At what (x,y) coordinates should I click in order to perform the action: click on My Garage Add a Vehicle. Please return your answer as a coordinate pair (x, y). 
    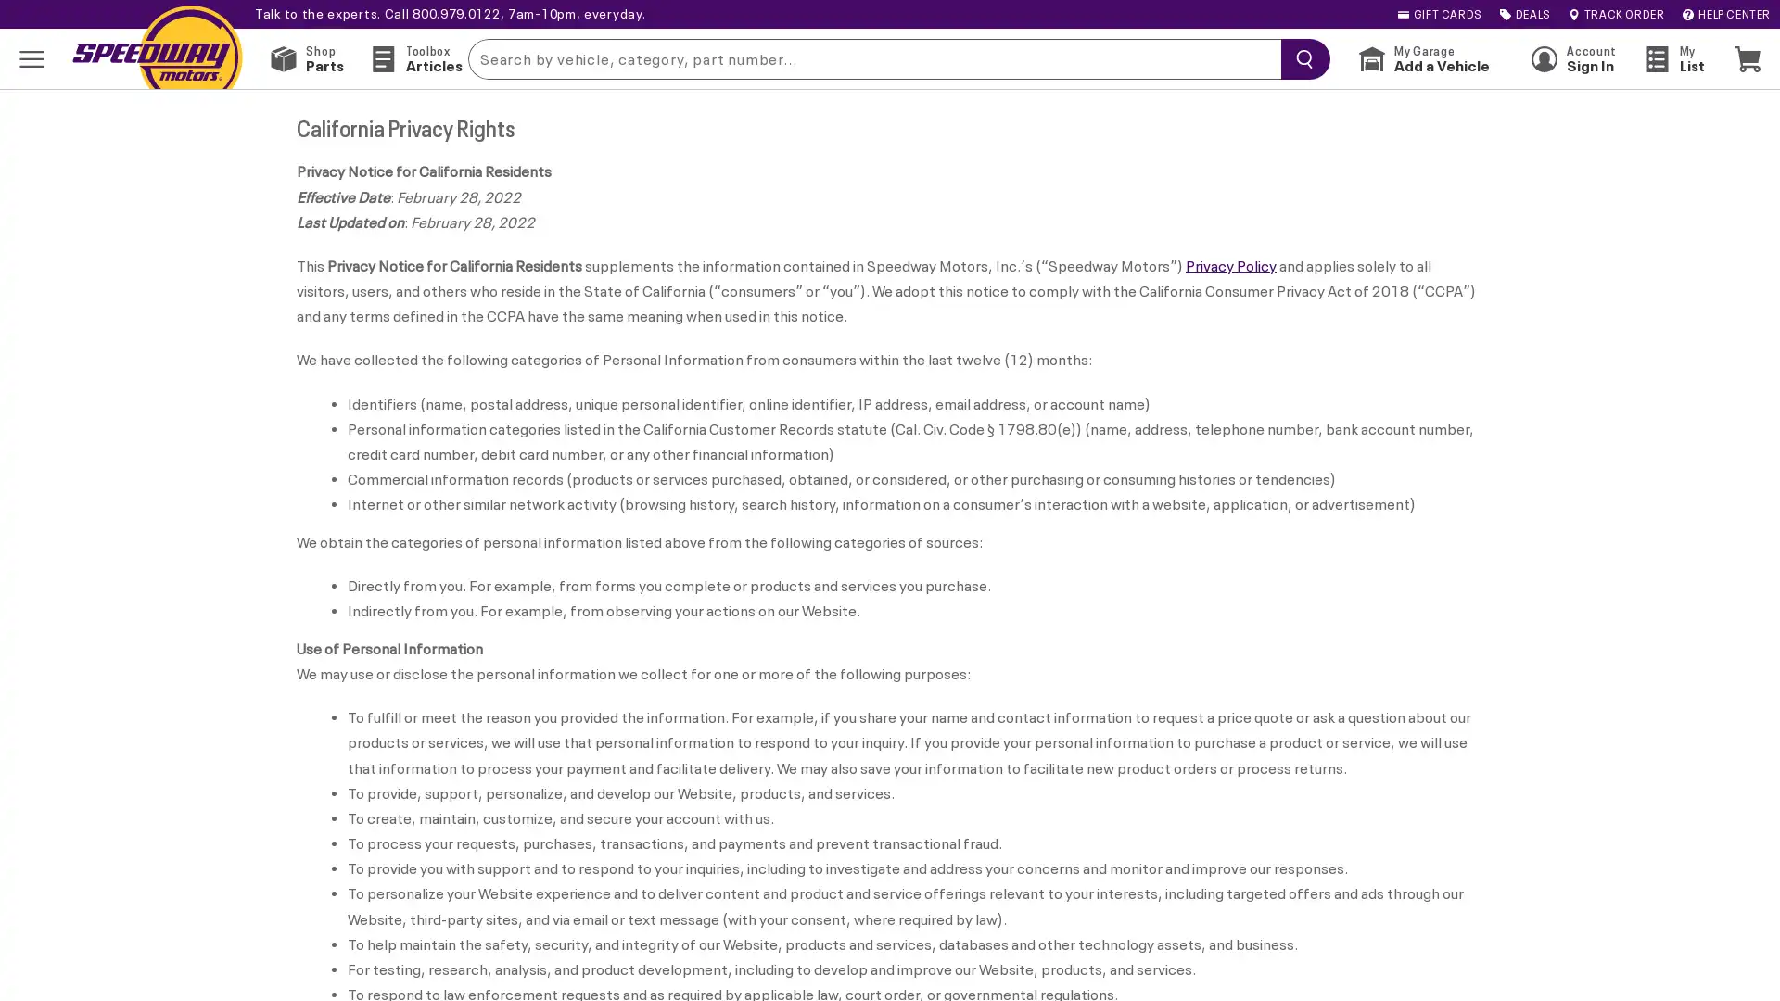
    Looking at the image, I should click on (1423, 57).